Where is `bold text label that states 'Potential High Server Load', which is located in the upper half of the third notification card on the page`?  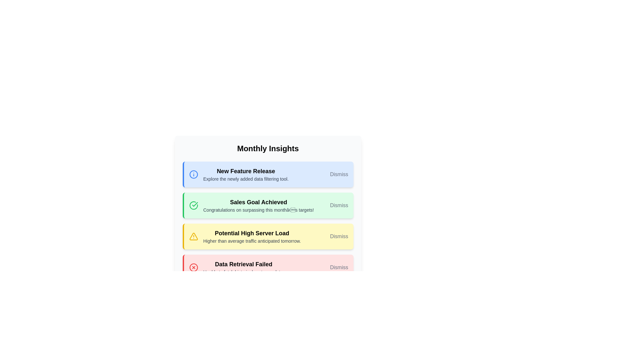
bold text label that states 'Potential High Server Load', which is located in the upper half of the third notification card on the page is located at coordinates (252, 233).